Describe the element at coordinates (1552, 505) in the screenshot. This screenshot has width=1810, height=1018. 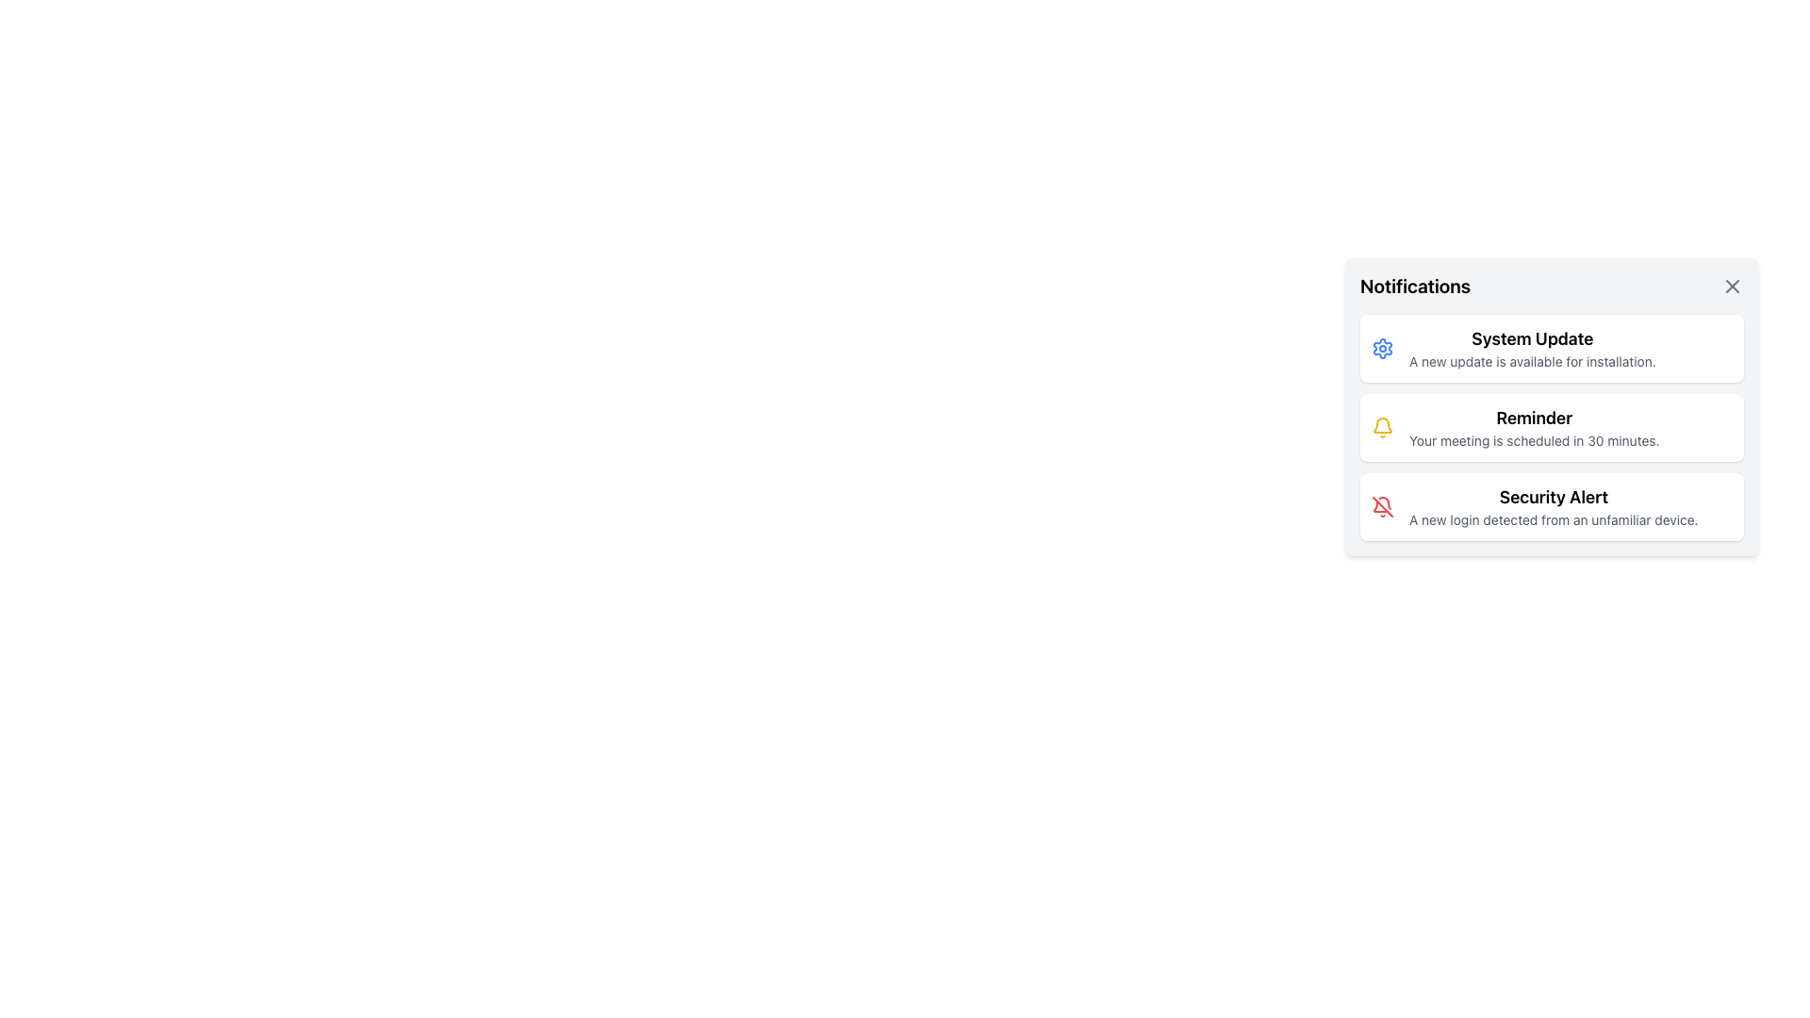
I see `the Notification Card indicating a new login from an unfamiliar device, which is the third card in the notifications list within the 'Notifications' pop-up box` at that location.